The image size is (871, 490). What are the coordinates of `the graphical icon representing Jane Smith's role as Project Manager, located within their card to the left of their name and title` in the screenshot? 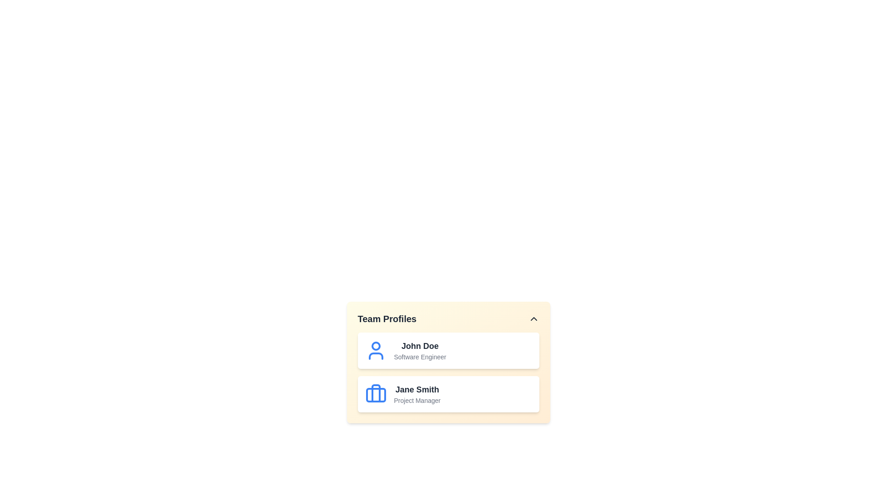 It's located at (376, 393).